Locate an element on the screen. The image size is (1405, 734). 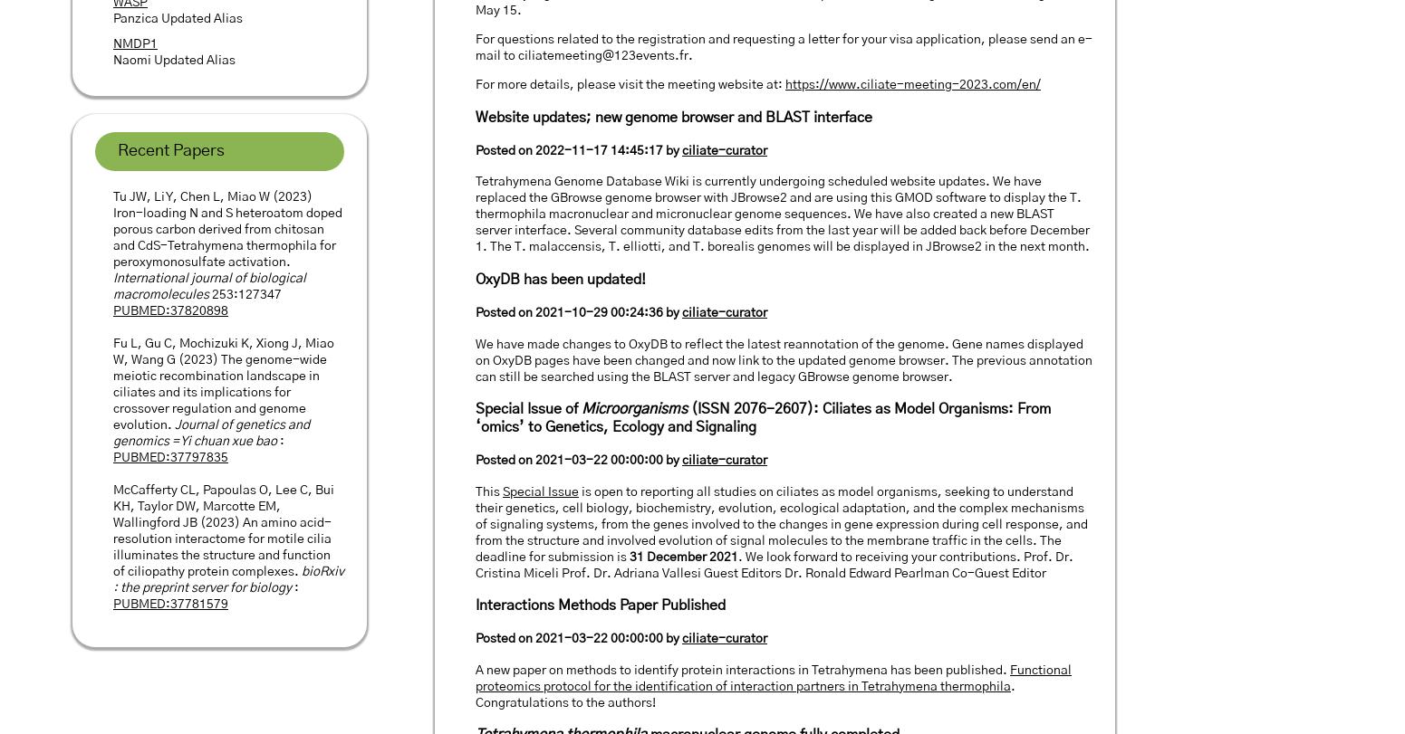
'bioRxiv : the preprint server for biology' is located at coordinates (228, 579).